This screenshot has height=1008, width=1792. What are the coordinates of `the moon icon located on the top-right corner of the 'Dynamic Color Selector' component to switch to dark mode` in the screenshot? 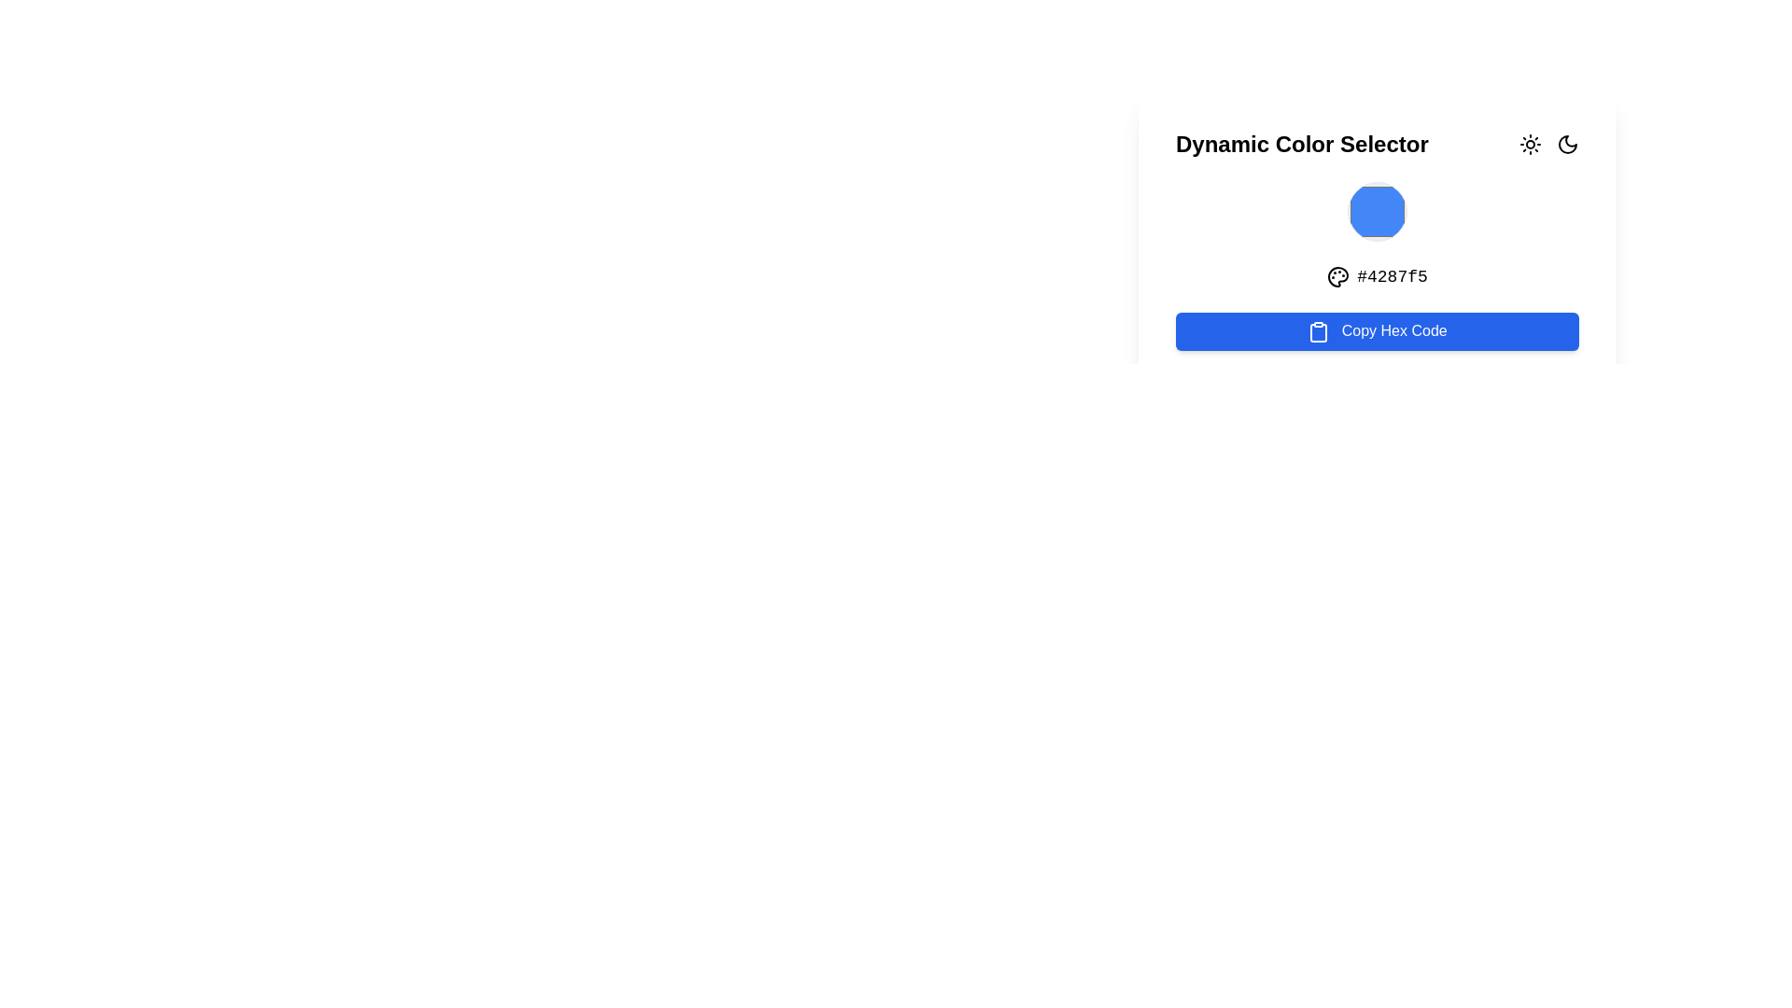 It's located at (1549, 143).